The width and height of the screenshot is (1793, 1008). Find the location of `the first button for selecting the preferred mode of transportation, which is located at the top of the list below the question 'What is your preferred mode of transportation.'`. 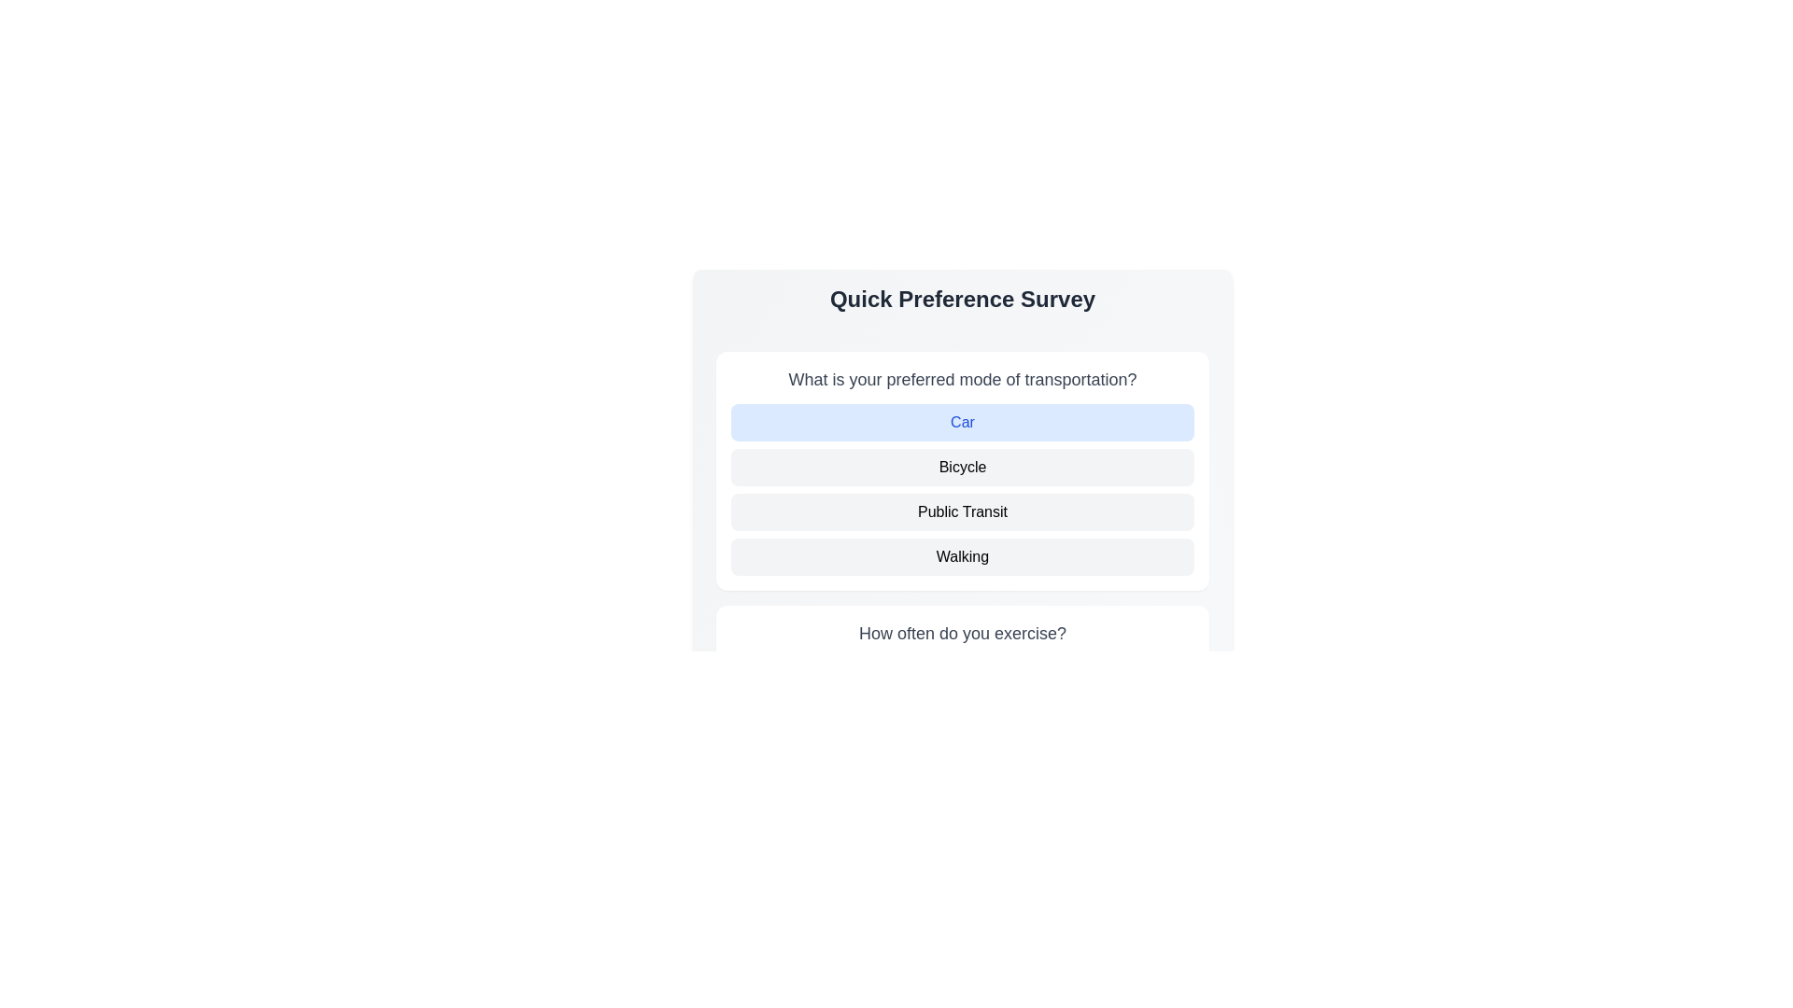

the first button for selecting the preferred mode of transportation, which is located at the top of the list below the question 'What is your preferred mode of transportation.' is located at coordinates (963, 422).